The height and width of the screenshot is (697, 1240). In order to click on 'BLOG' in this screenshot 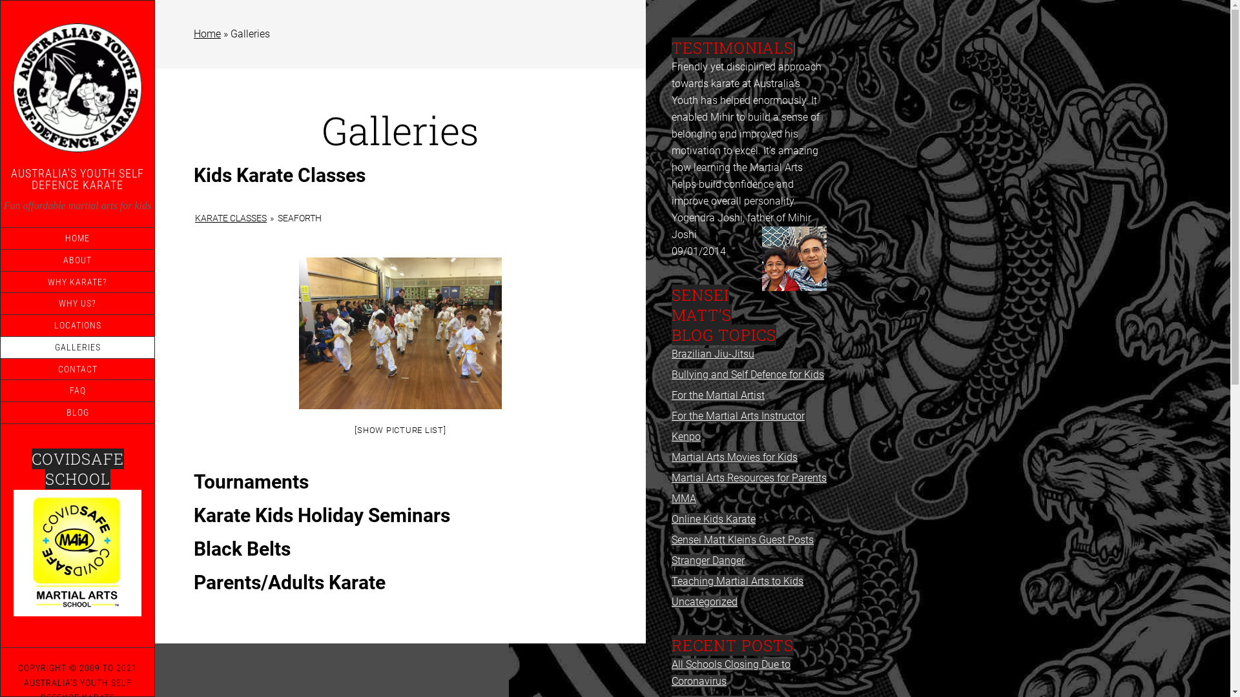, I will do `click(77, 412)`.